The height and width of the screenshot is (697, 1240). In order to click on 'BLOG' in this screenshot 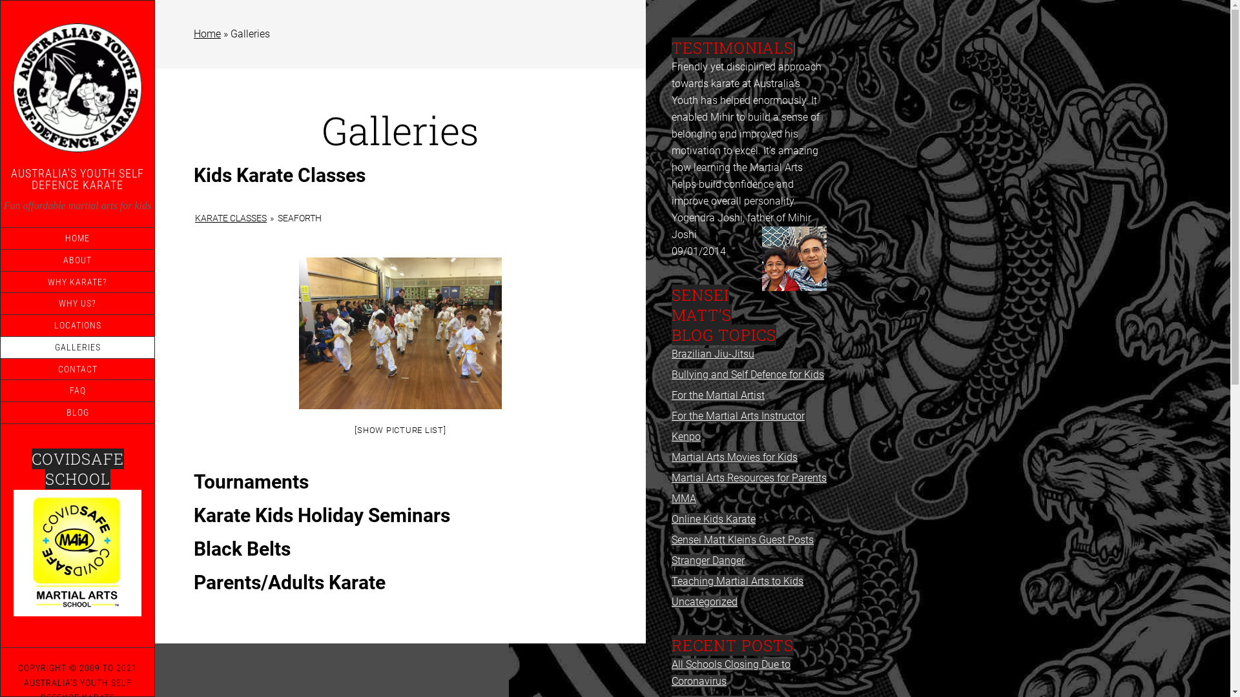, I will do `click(77, 412)`.